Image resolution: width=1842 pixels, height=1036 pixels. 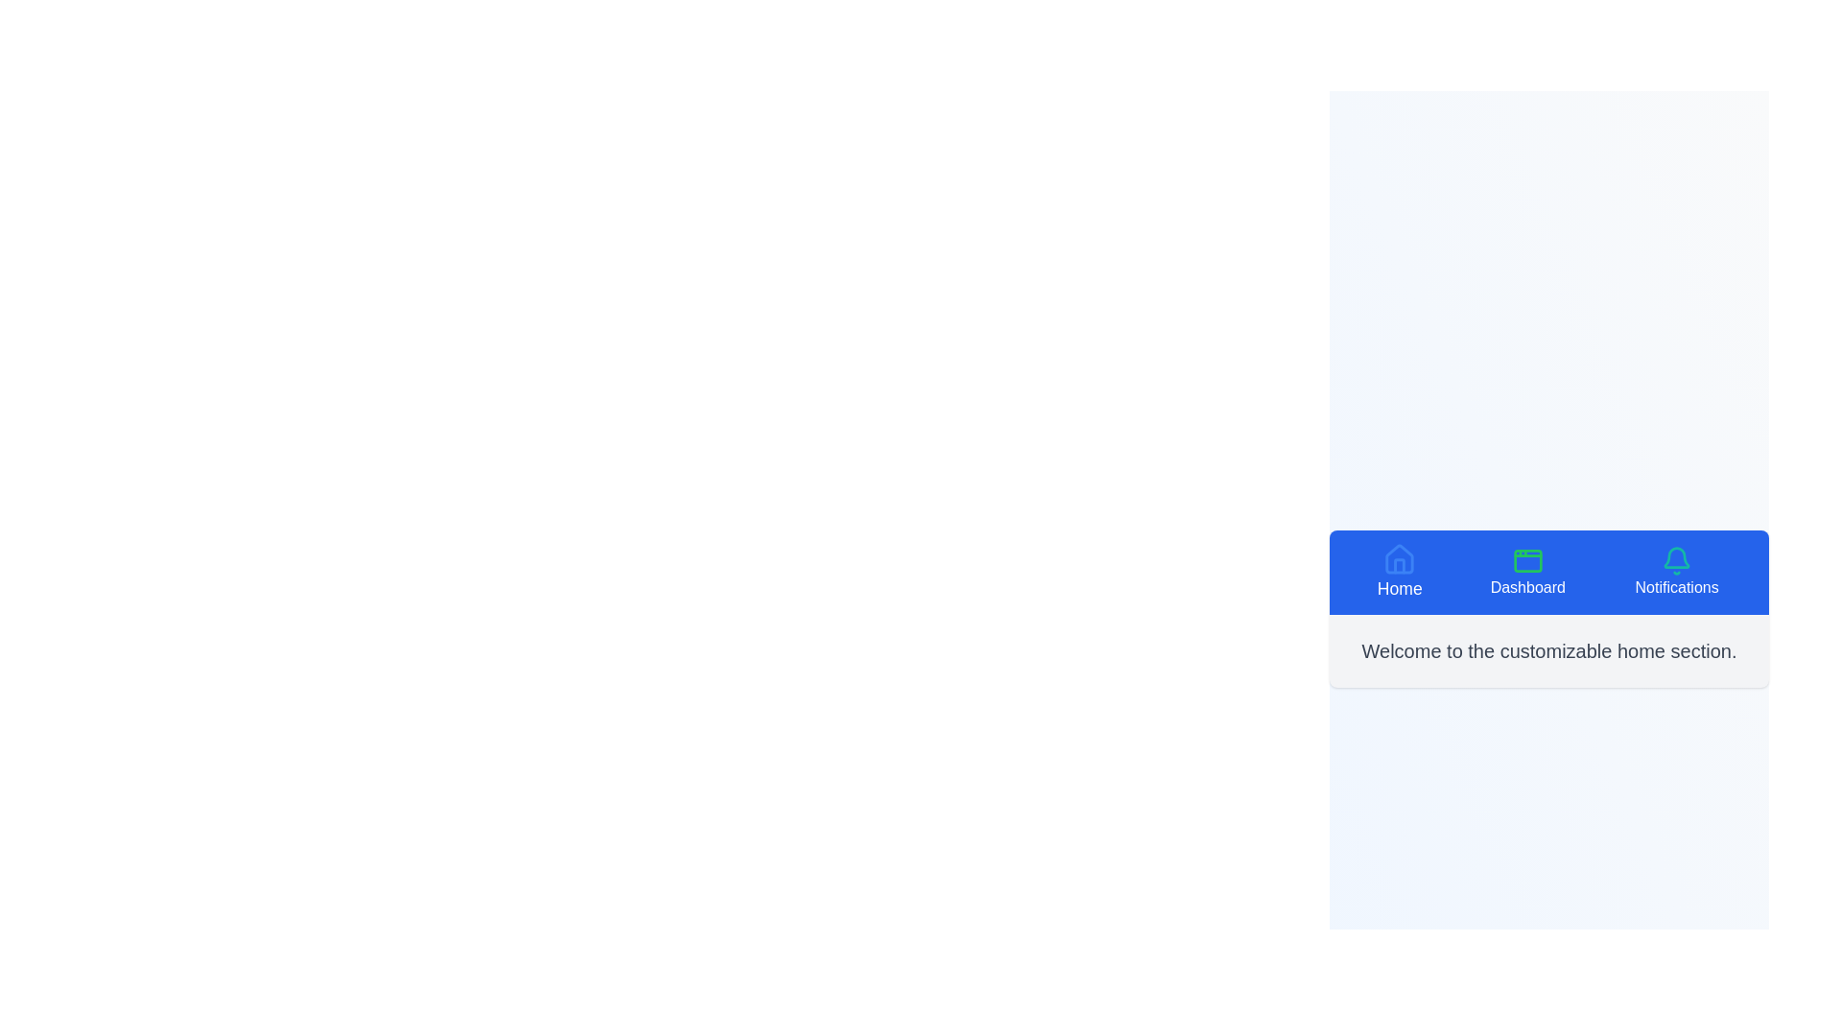 I want to click on the Dashboard tab in the IconicTabs component, so click(x=1526, y=572).